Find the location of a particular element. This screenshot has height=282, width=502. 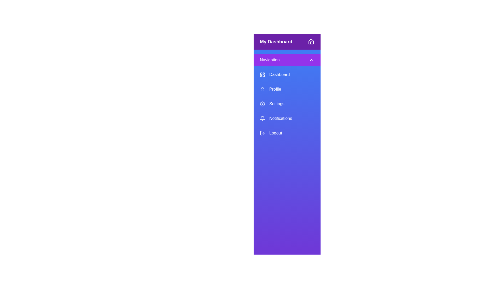

the 'Profile' button is located at coordinates (287, 89).